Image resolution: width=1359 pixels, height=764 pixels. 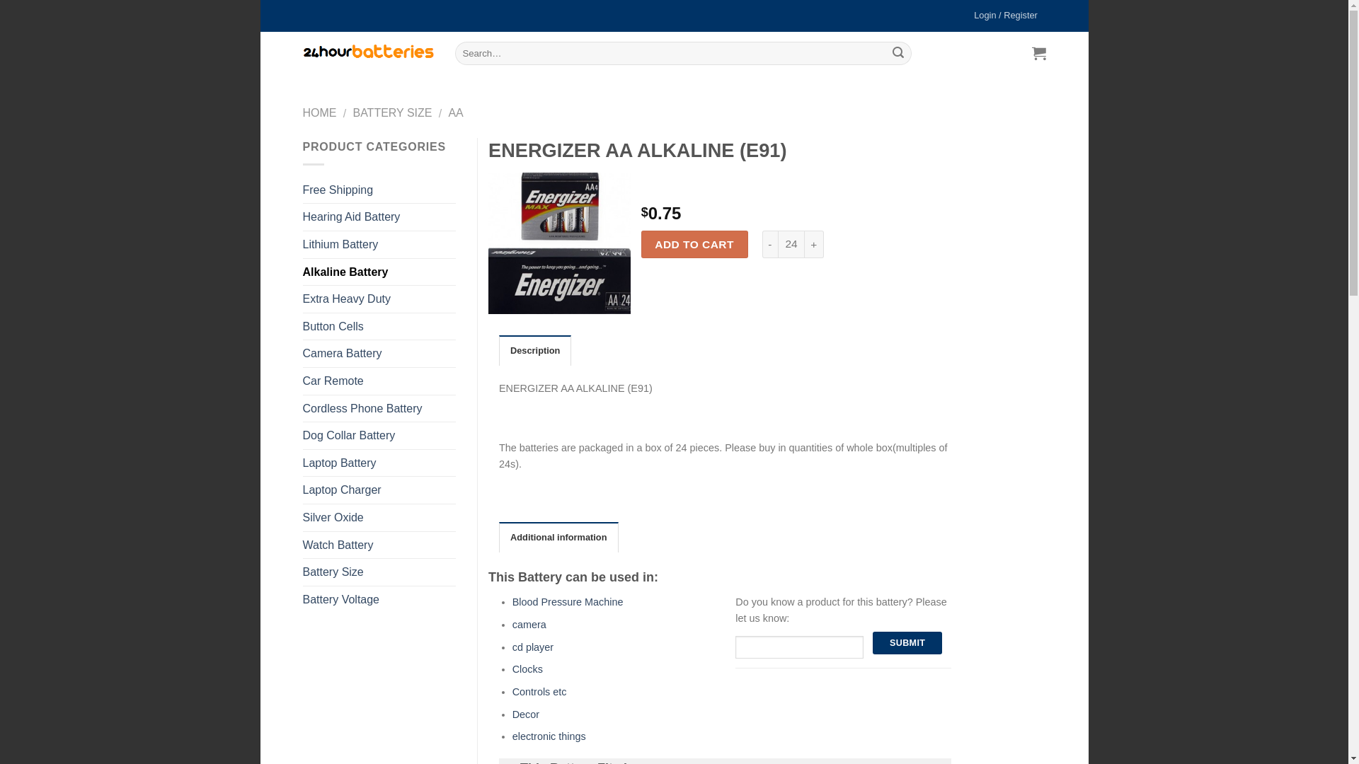 What do you see at coordinates (379, 409) in the screenshot?
I see `'Cordless Phone Battery'` at bounding box center [379, 409].